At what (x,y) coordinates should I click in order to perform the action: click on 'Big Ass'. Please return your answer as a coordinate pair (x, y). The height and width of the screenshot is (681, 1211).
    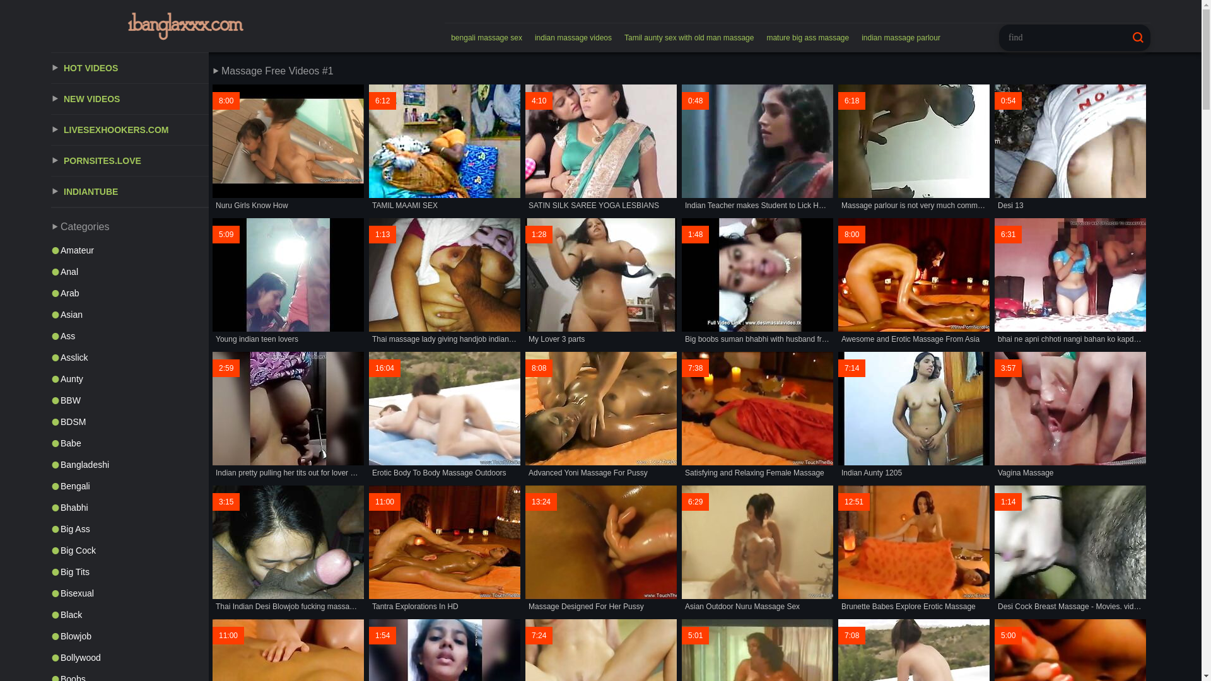
    Looking at the image, I should click on (130, 529).